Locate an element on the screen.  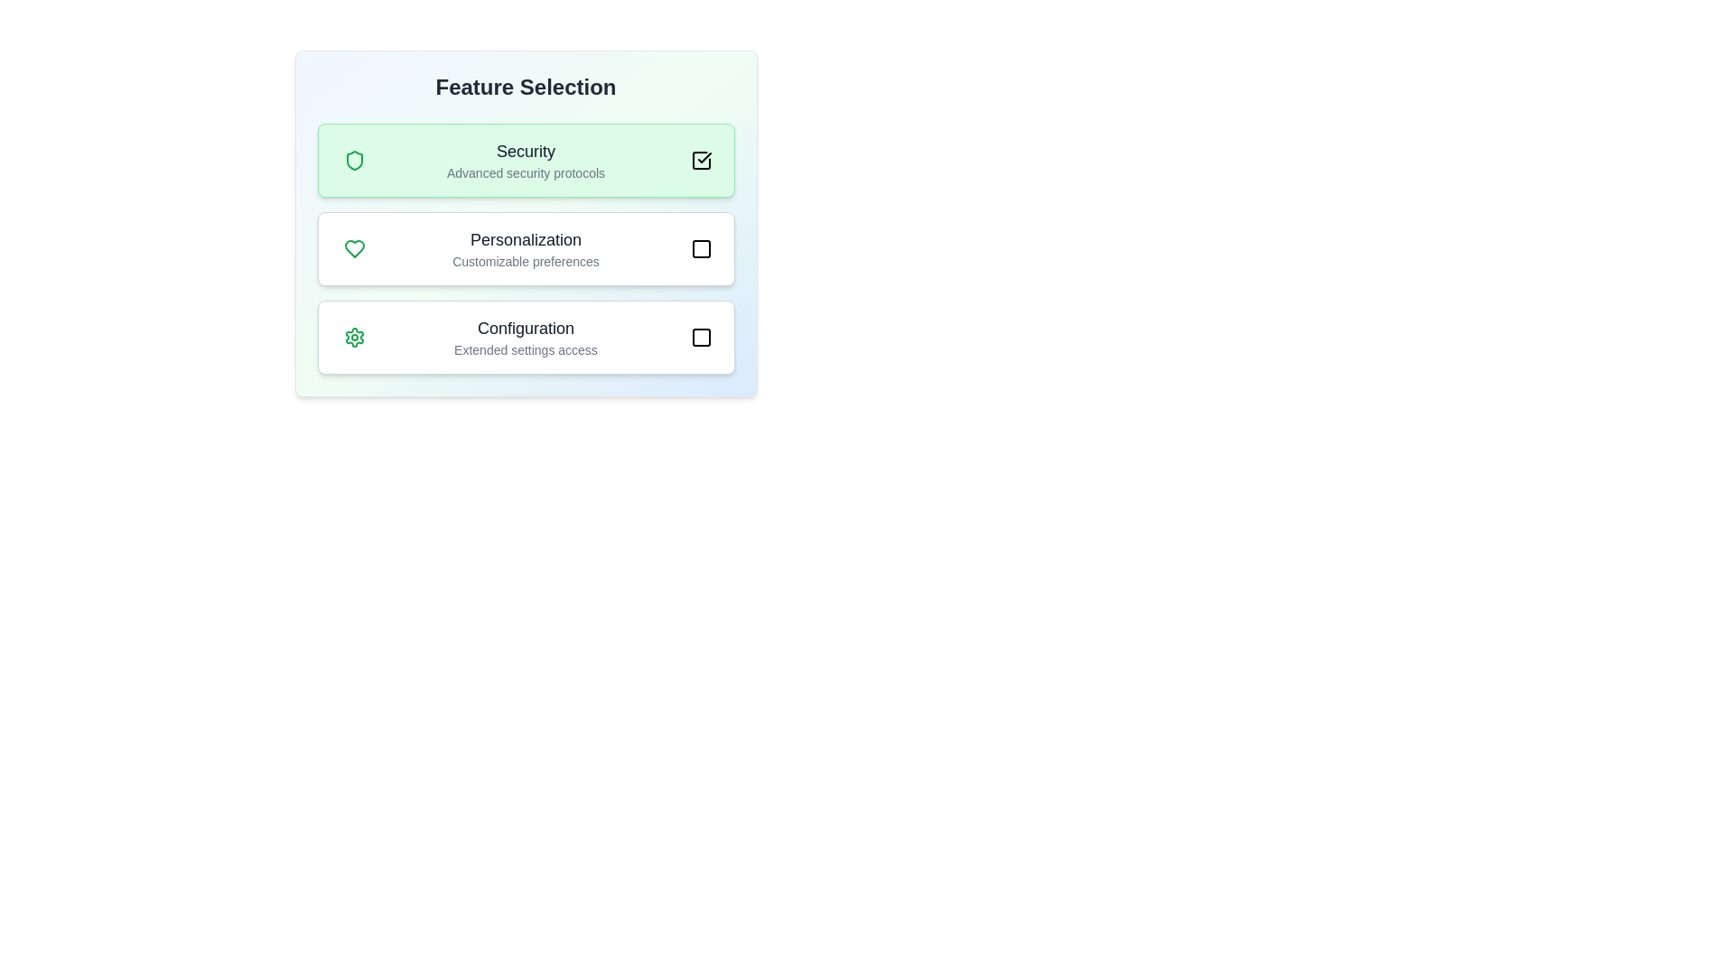
the Configuration icon located within the Configuration card, which is below the Personalization card in the vertical list of settings options is located at coordinates (354, 338).